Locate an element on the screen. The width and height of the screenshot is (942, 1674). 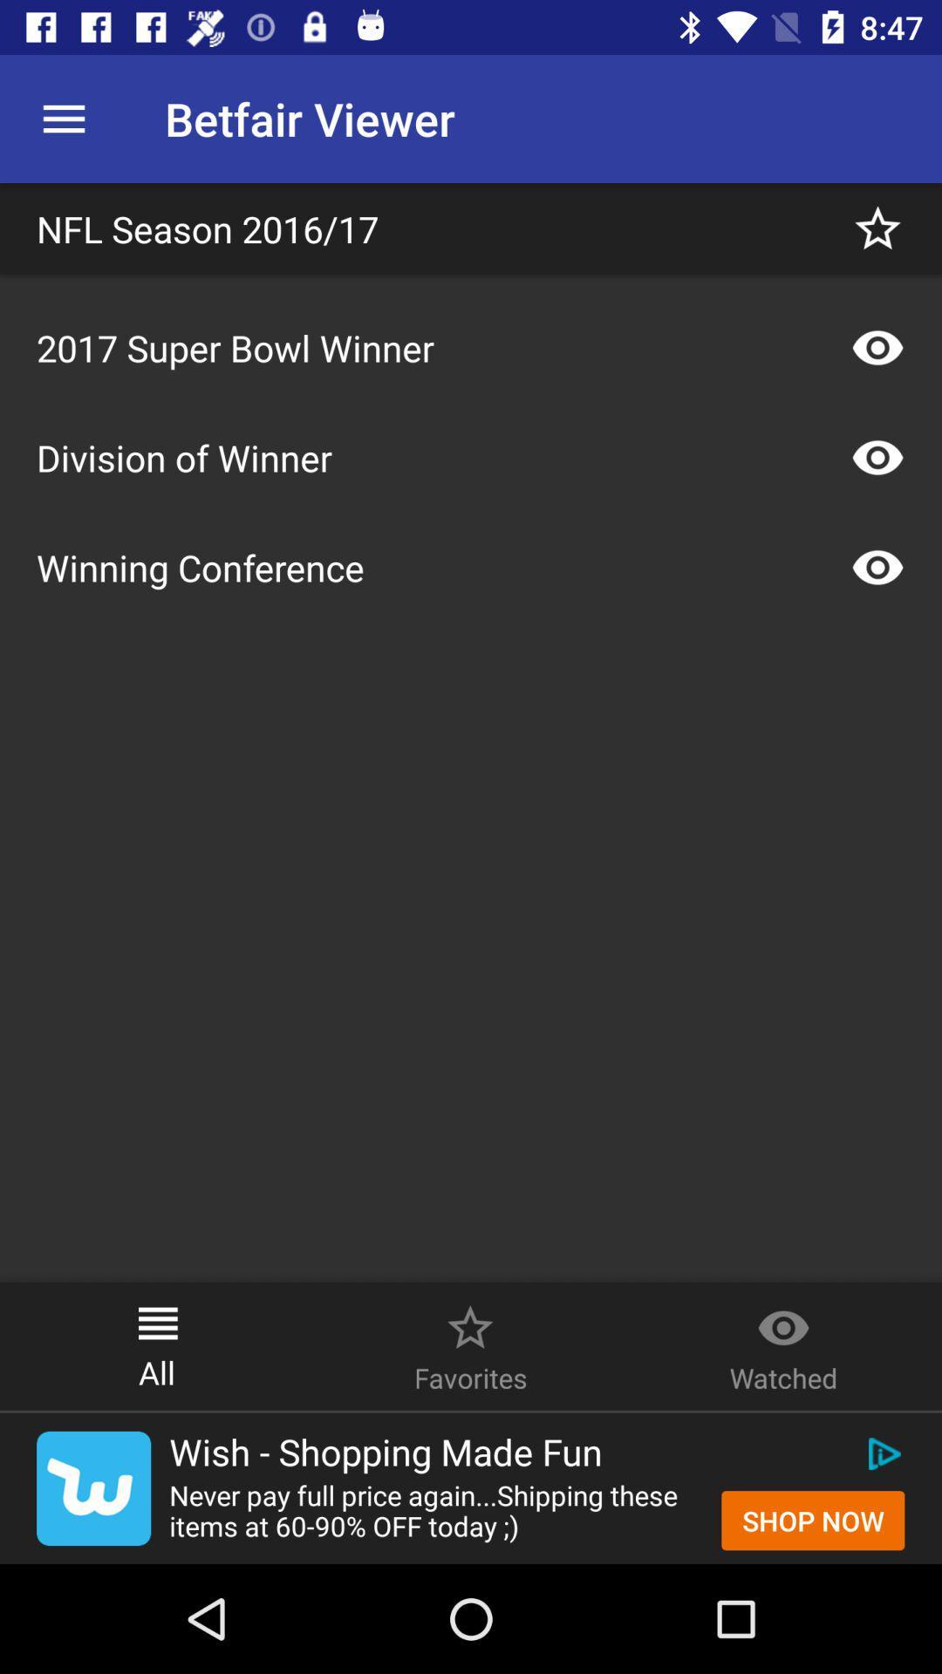
the icon next to betfair viewer icon is located at coordinates (63, 118).